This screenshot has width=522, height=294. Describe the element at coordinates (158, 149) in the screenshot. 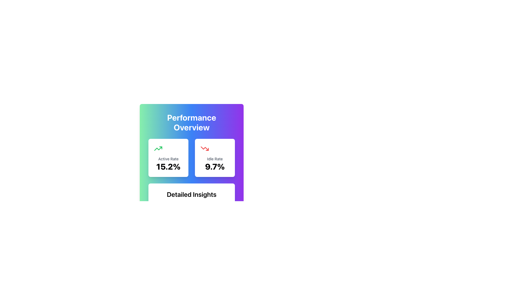

I see `the positive trend icon located at the top-left of the 'Active Rate' card, which visually represents an increase related to the 'Active Rate' of 15.2%` at that location.